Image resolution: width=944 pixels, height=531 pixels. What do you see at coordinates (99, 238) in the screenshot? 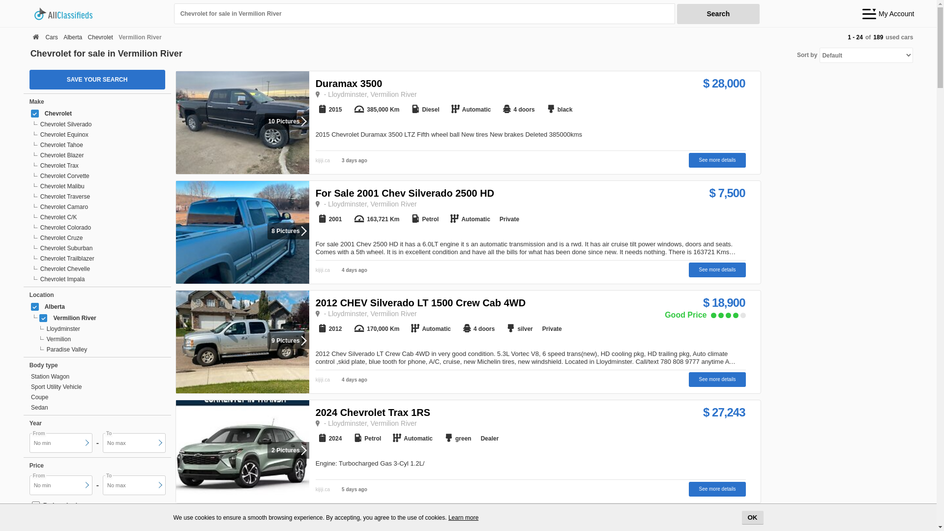
I see `'Chevrolet Cruze'` at bounding box center [99, 238].